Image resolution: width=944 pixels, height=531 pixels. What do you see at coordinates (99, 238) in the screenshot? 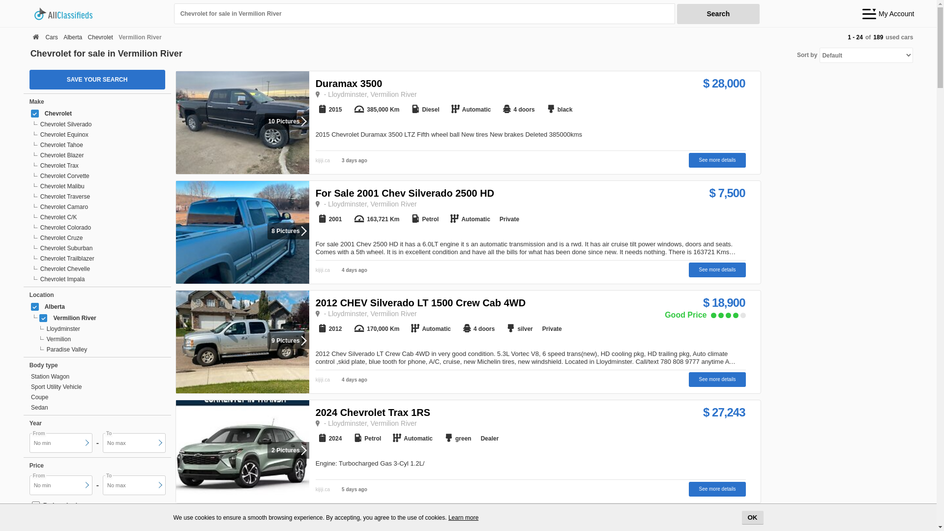
I see `'Chevrolet Cruze'` at bounding box center [99, 238].